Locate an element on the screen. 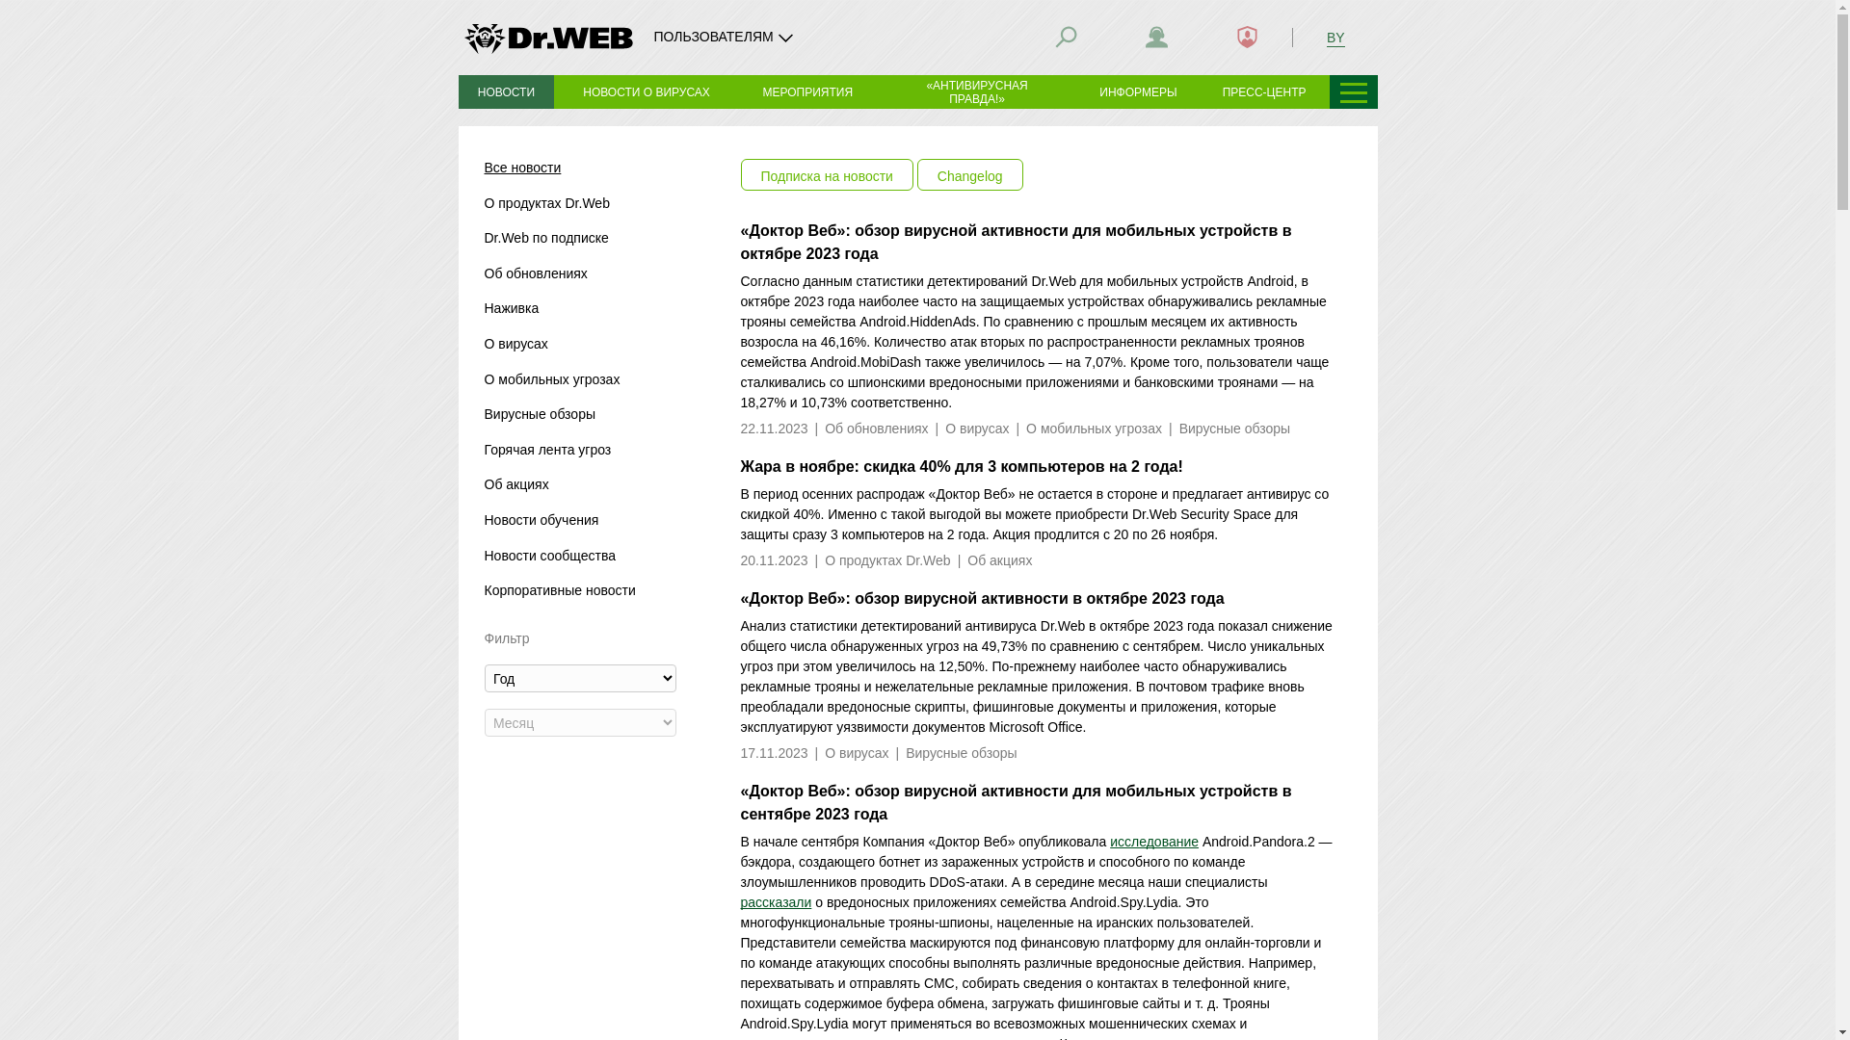 The height and width of the screenshot is (1040, 1850). 'BY' is located at coordinates (1335, 37).